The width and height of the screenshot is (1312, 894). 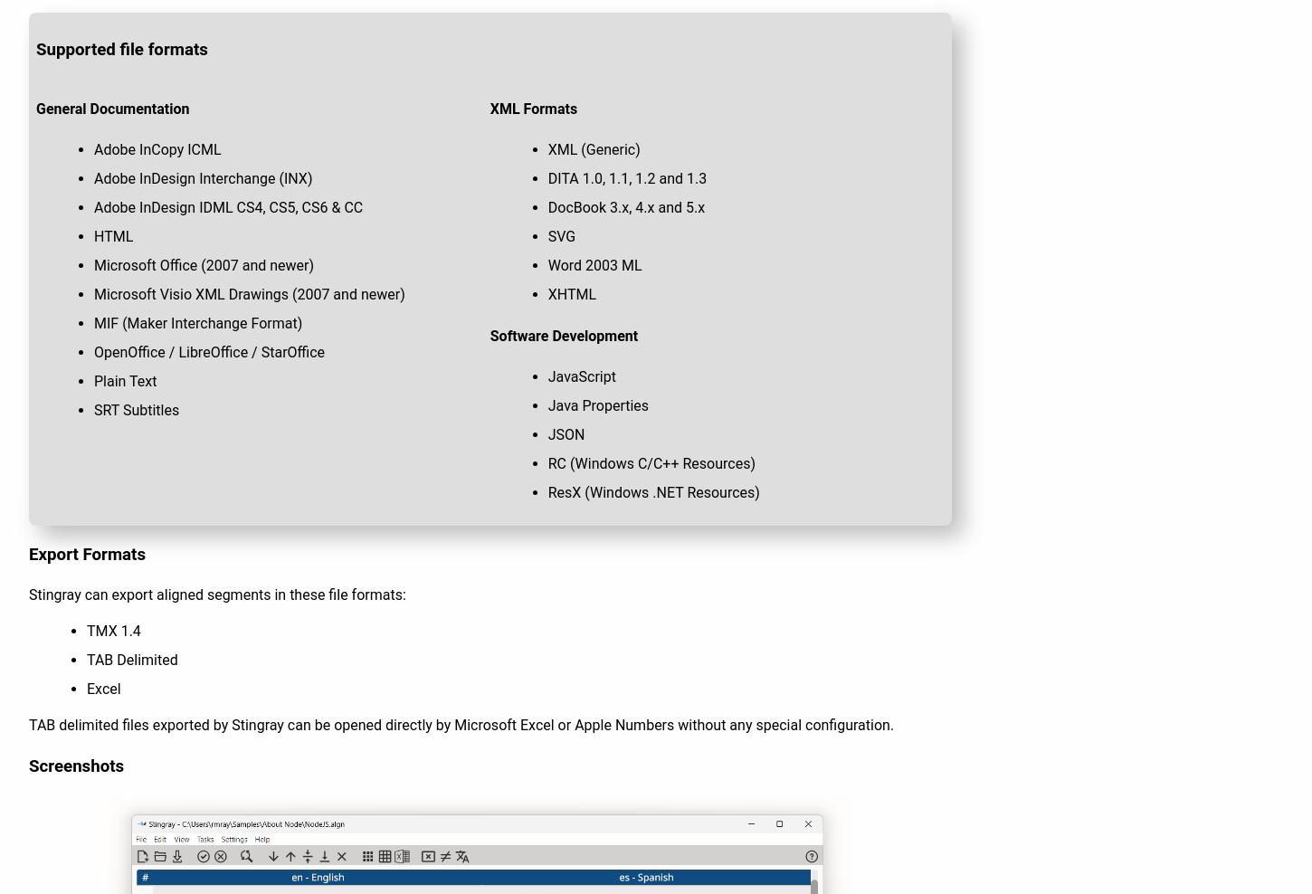 What do you see at coordinates (120, 48) in the screenshot?
I see `'Supported file formats'` at bounding box center [120, 48].